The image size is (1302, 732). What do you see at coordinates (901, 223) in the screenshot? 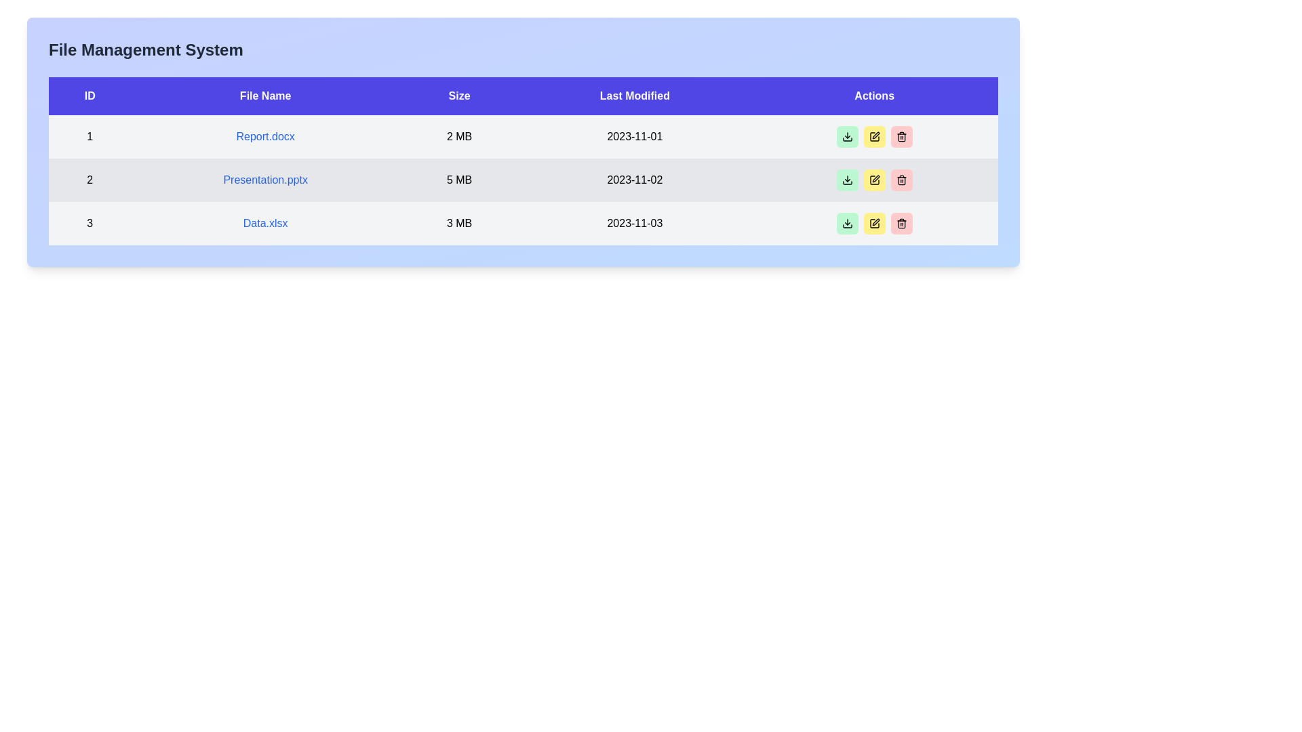
I see `the trash icon button in the Actions column, third row of the table, which is styled as a lightweight vector graphic trash can icon` at bounding box center [901, 223].